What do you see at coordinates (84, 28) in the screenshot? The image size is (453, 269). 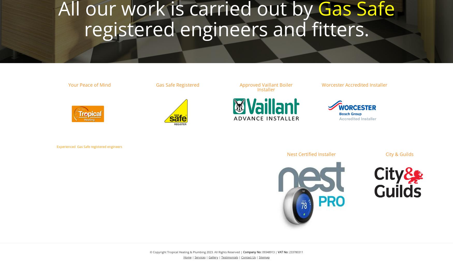 I see `'registered engineers and fitters.'` at bounding box center [84, 28].